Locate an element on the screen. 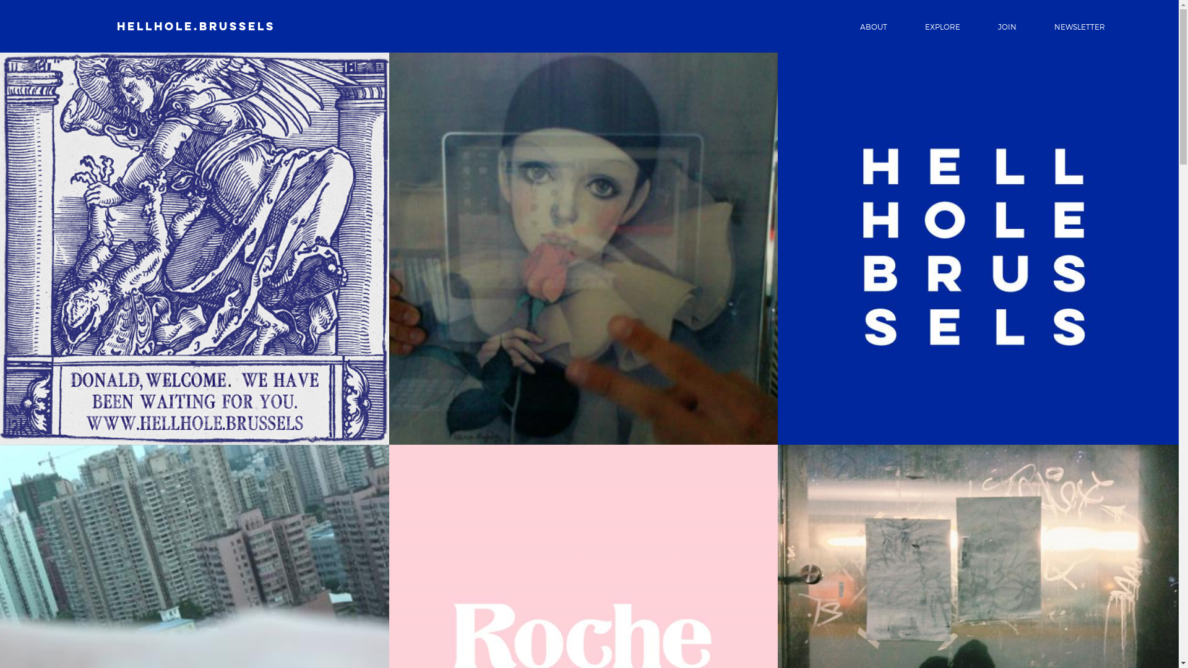 This screenshot has height=668, width=1188. 'EXPLORE' is located at coordinates (942, 27).